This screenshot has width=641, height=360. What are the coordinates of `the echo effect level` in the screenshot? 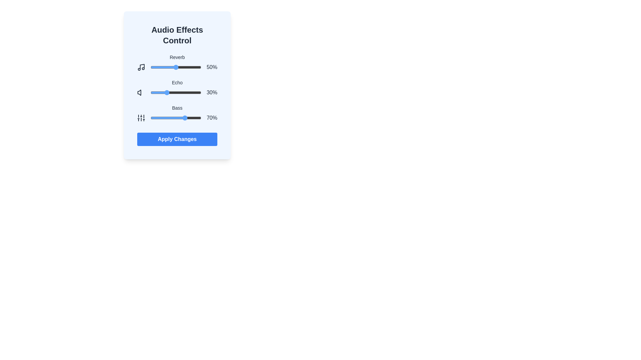 It's located at (161, 92).